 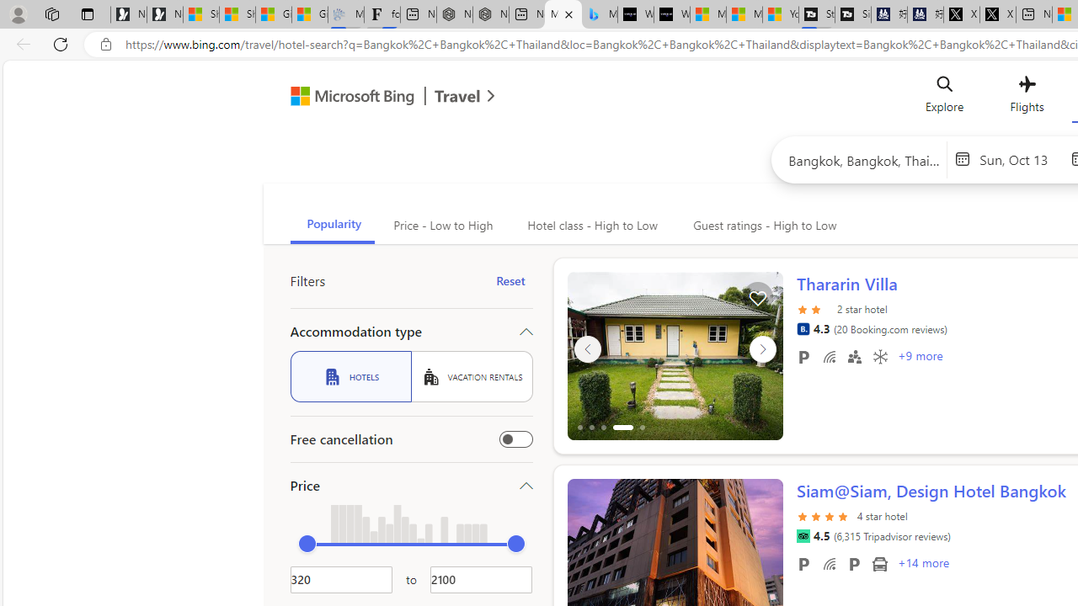 What do you see at coordinates (350, 375) in the screenshot?
I see `'HOTELS'` at bounding box center [350, 375].